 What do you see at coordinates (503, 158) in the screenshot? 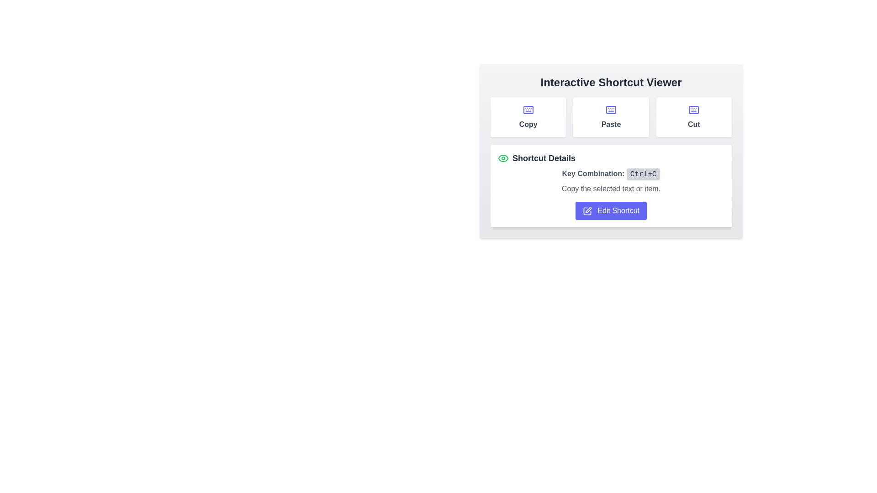
I see `the eye icon located to the left of the 'Shortcut Details' title in the 'Interactive Shortcut Viewer' box` at bounding box center [503, 158].